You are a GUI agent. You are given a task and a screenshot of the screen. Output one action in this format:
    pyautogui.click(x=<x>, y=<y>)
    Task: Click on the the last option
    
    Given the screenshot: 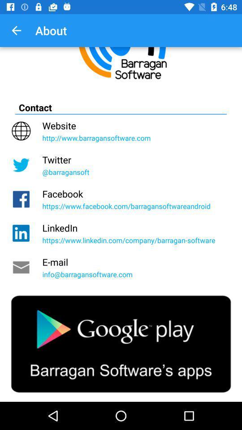 What is the action you would take?
    pyautogui.click(x=121, y=344)
    